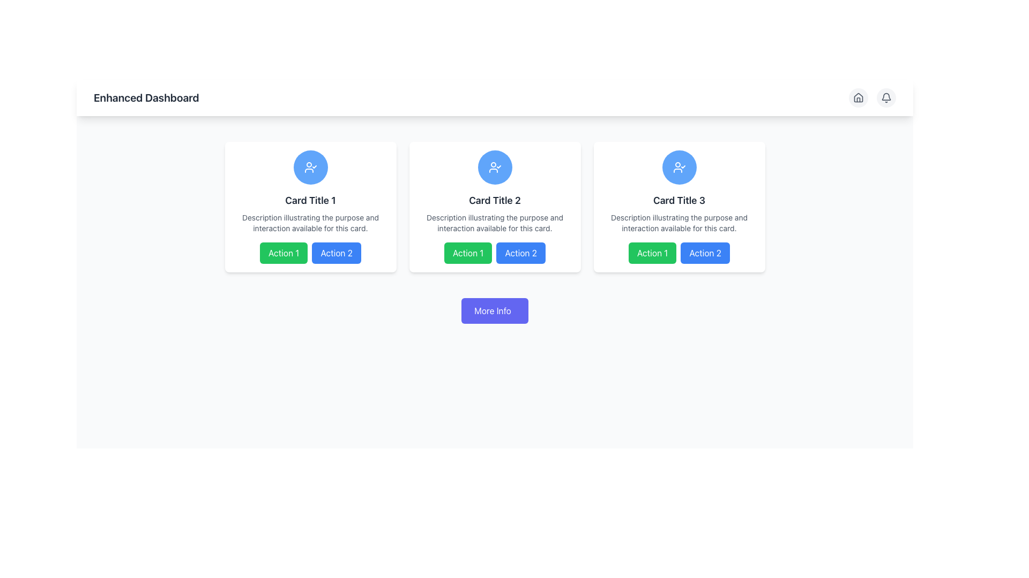 The width and height of the screenshot is (1029, 578). Describe the element at coordinates (146, 97) in the screenshot. I see `title text label located at the top-left corner of the dashboard page, which serves as a heading for immediate context` at that location.